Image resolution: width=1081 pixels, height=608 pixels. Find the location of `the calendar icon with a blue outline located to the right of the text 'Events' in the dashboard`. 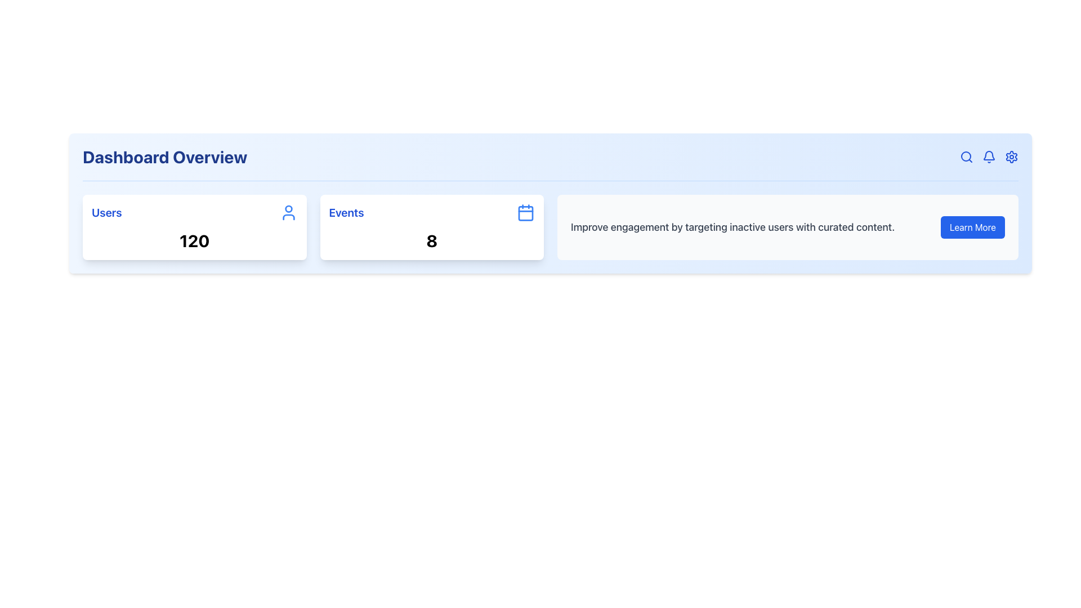

the calendar icon with a blue outline located to the right of the text 'Events' in the dashboard is located at coordinates (525, 213).